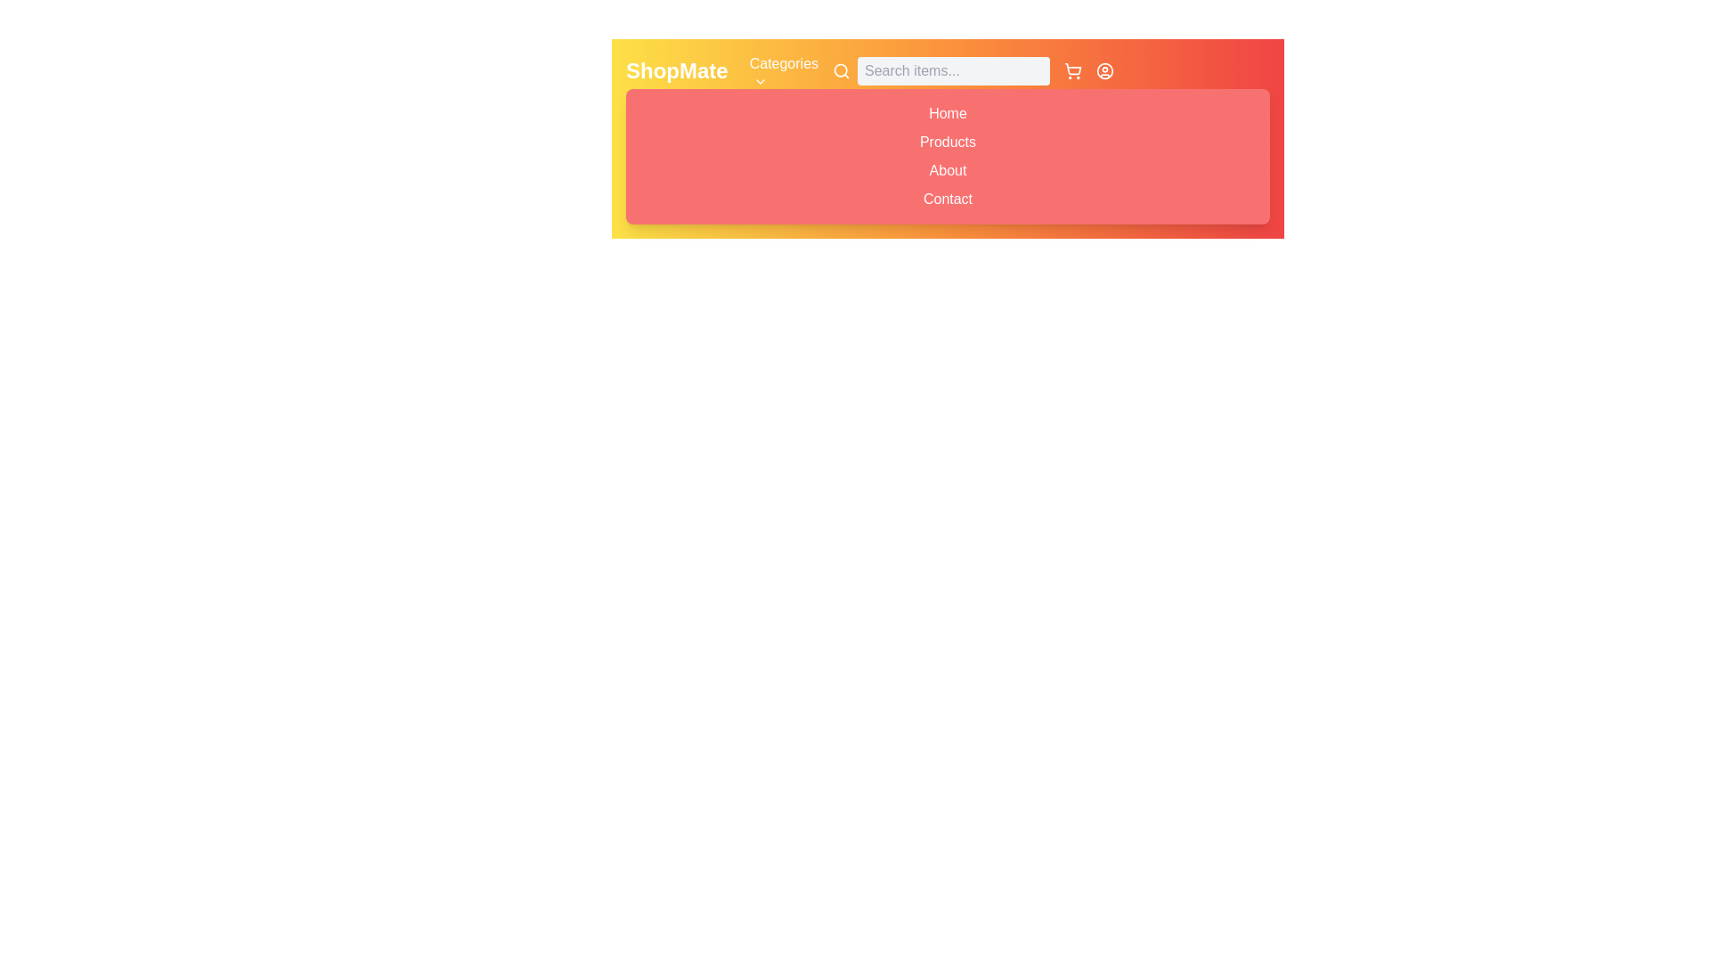 The height and width of the screenshot is (962, 1710). I want to click on the 'About' navigation link in the dropdown menu, so click(947, 171).